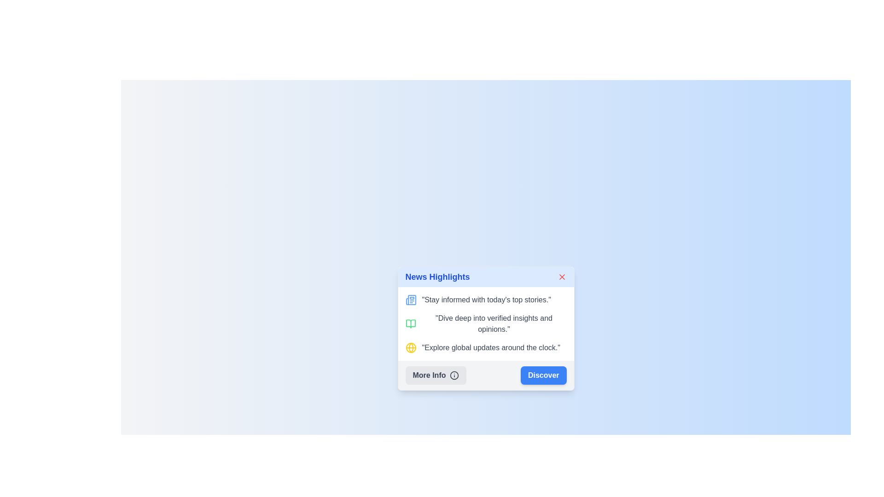 The image size is (884, 497). What do you see at coordinates (486, 300) in the screenshot?
I see `the static text element that contains the message 'Stay informed with today's top stories', which is styled with a gray font and positioned to the right of a newspaper icon in a card layout` at bounding box center [486, 300].